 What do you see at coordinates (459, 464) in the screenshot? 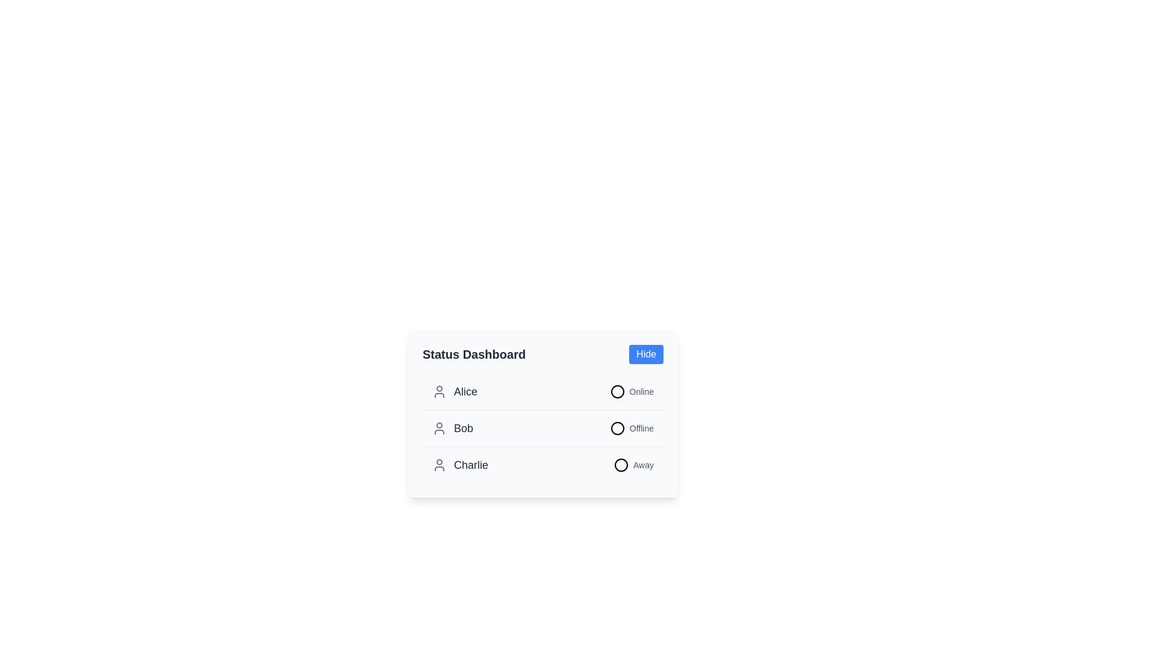
I see `the user's name and icon in the third entry of the vertically-arranged list in the status dashboard` at bounding box center [459, 464].